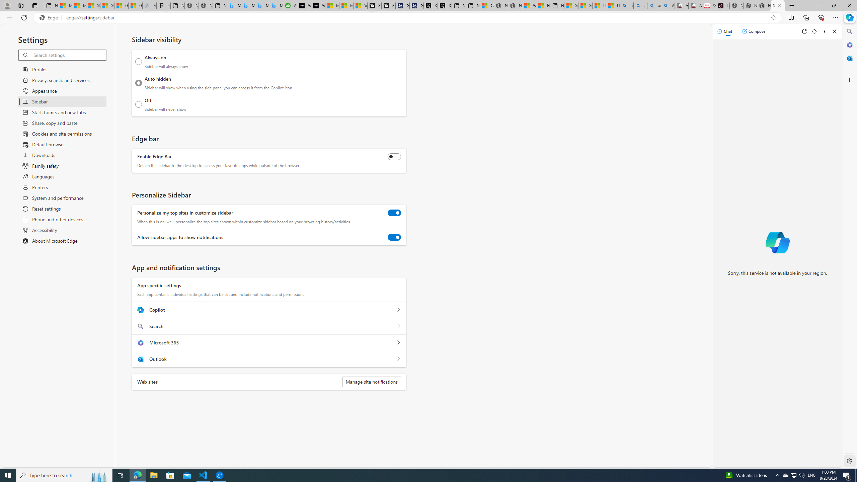 This screenshot has height=482, width=857. I want to click on 'All Cubot phones', so click(695, 5).